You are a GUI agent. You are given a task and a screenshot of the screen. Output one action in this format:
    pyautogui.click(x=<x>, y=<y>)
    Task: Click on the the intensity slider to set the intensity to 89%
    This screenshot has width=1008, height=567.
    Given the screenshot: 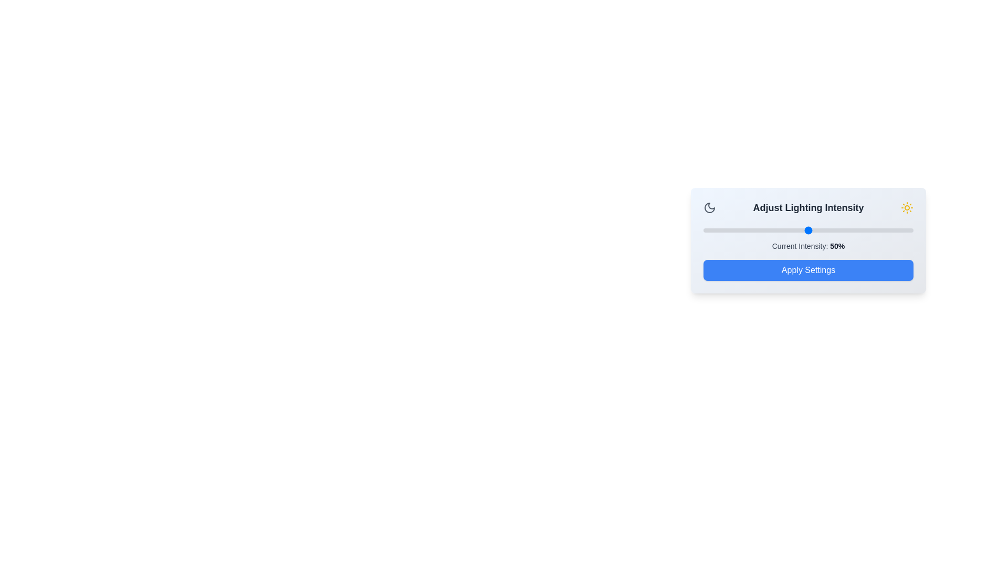 What is the action you would take?
    pyautogui.click(x=889, y=230)
    